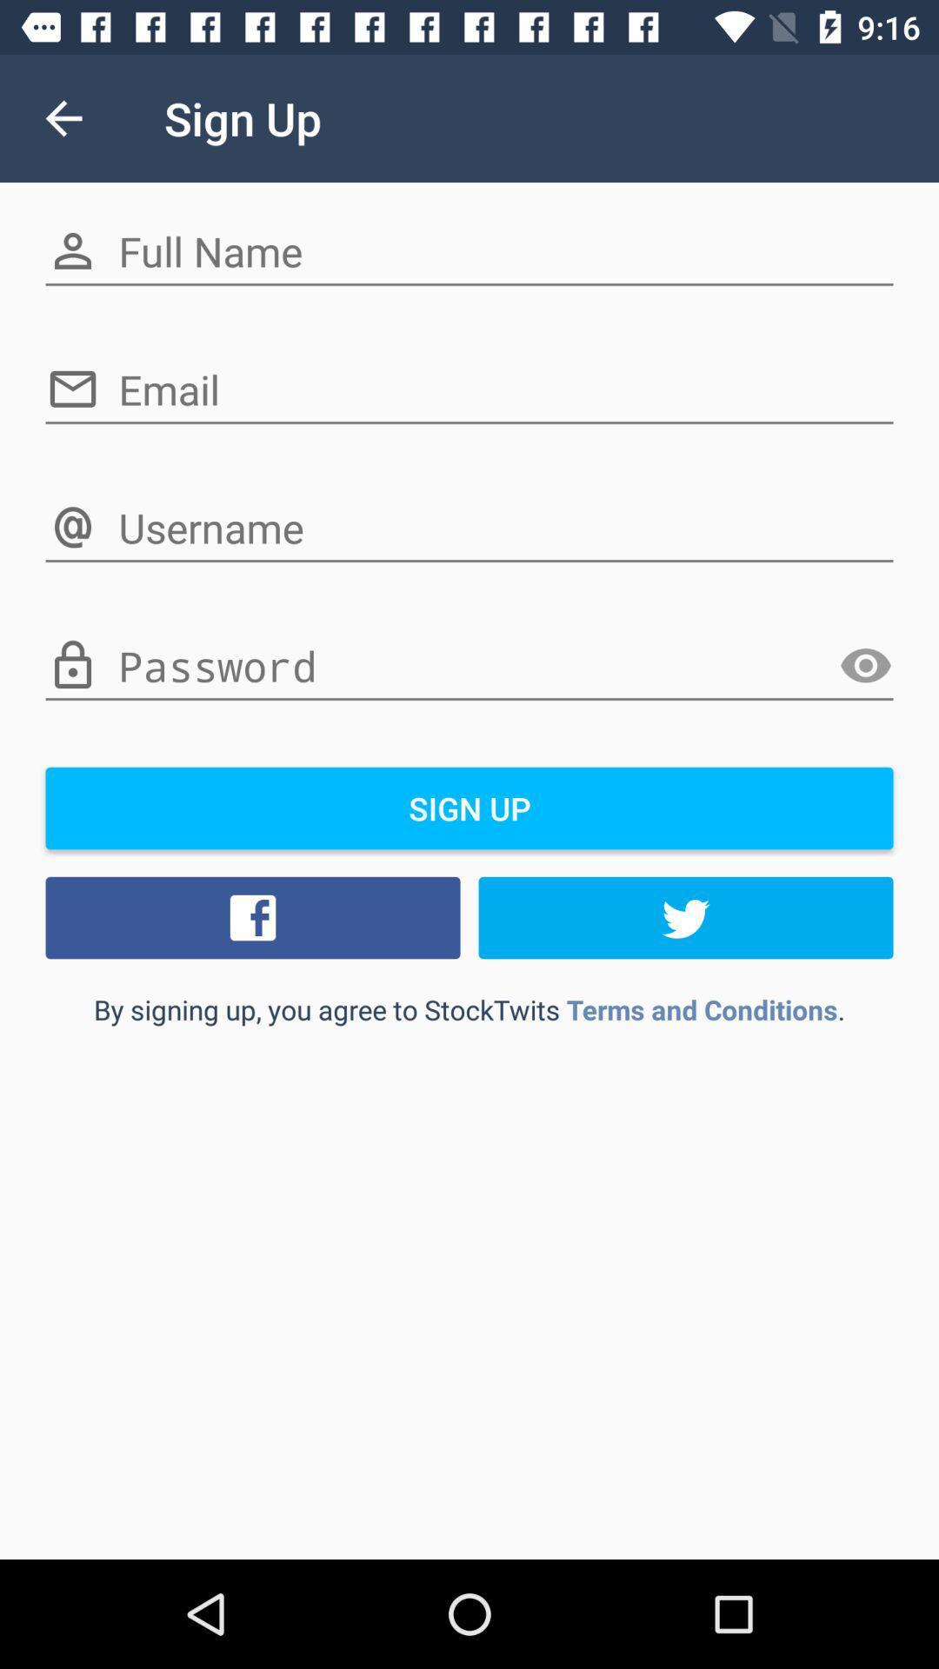  Describe the element at coordinates (865, 665) in the screenshot. I see `item above sign up item` at that location.